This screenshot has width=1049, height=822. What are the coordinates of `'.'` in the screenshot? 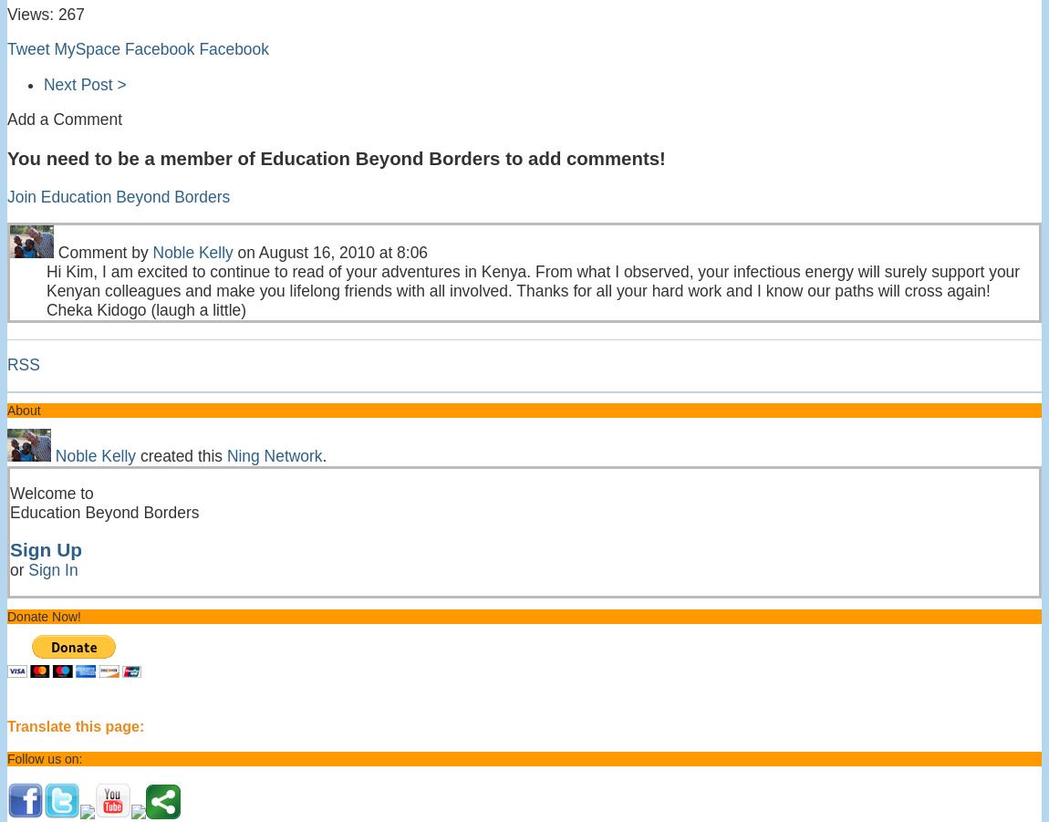 It's located at (324, 454).